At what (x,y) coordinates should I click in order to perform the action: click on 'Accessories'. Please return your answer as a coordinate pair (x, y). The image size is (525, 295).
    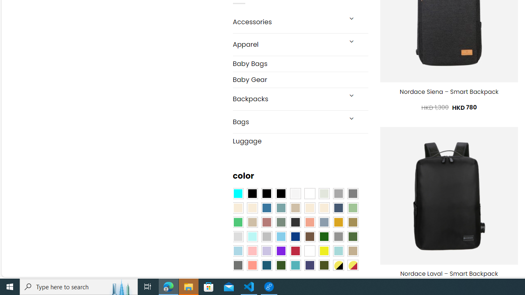
    Looking at the image, I should click on (287, 21).